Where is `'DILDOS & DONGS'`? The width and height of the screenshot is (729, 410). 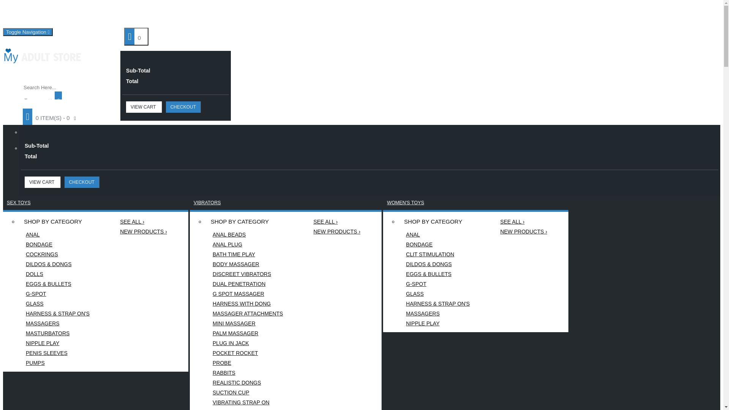 'DILDOS & DONGS' is located at coordinates (57, 263).